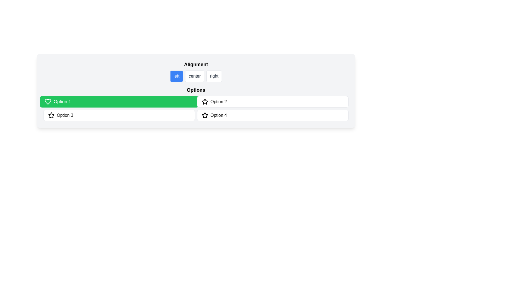 This screenshot has width=522, height=294. I want to click on the rectangular button with a white background and gray text that reads 'right', which is the third button in a row of three buttons at the top center of the interface, so click(214, 76).